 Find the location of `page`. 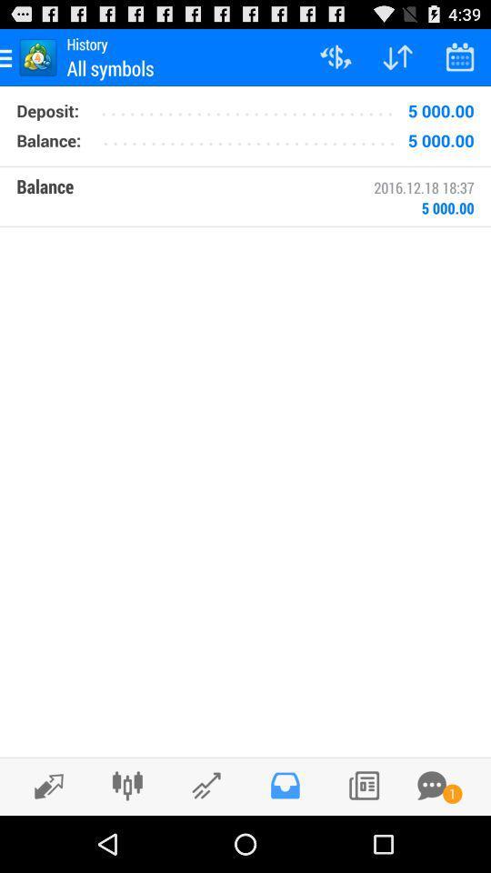

page is located at coordinates (44, 785).